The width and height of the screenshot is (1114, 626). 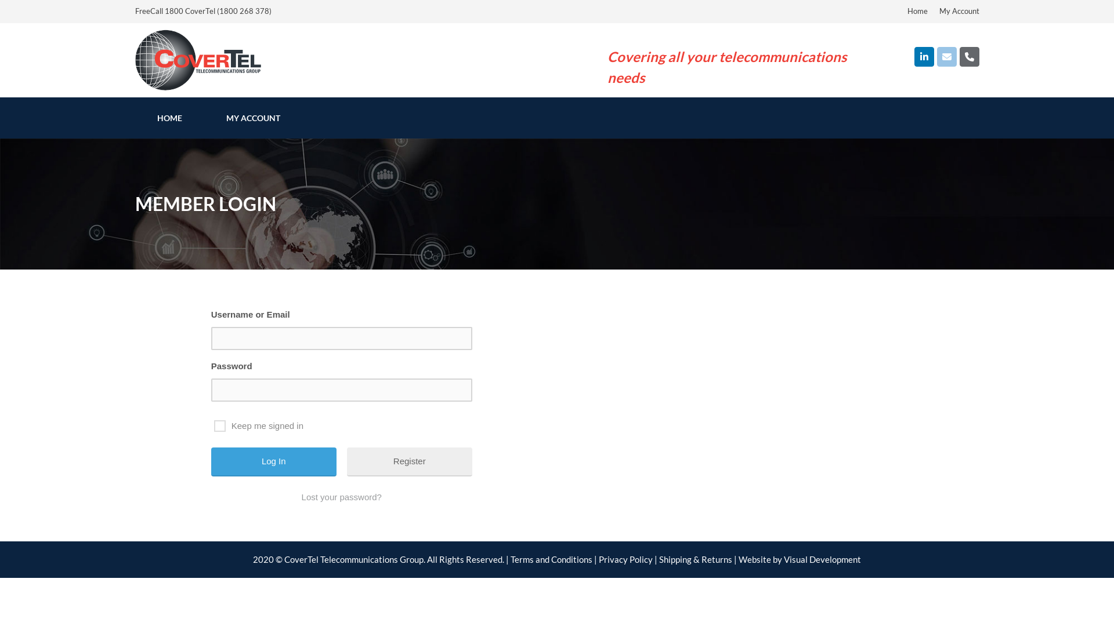 I want to click on 'Log In', so click(x=273, y=461).